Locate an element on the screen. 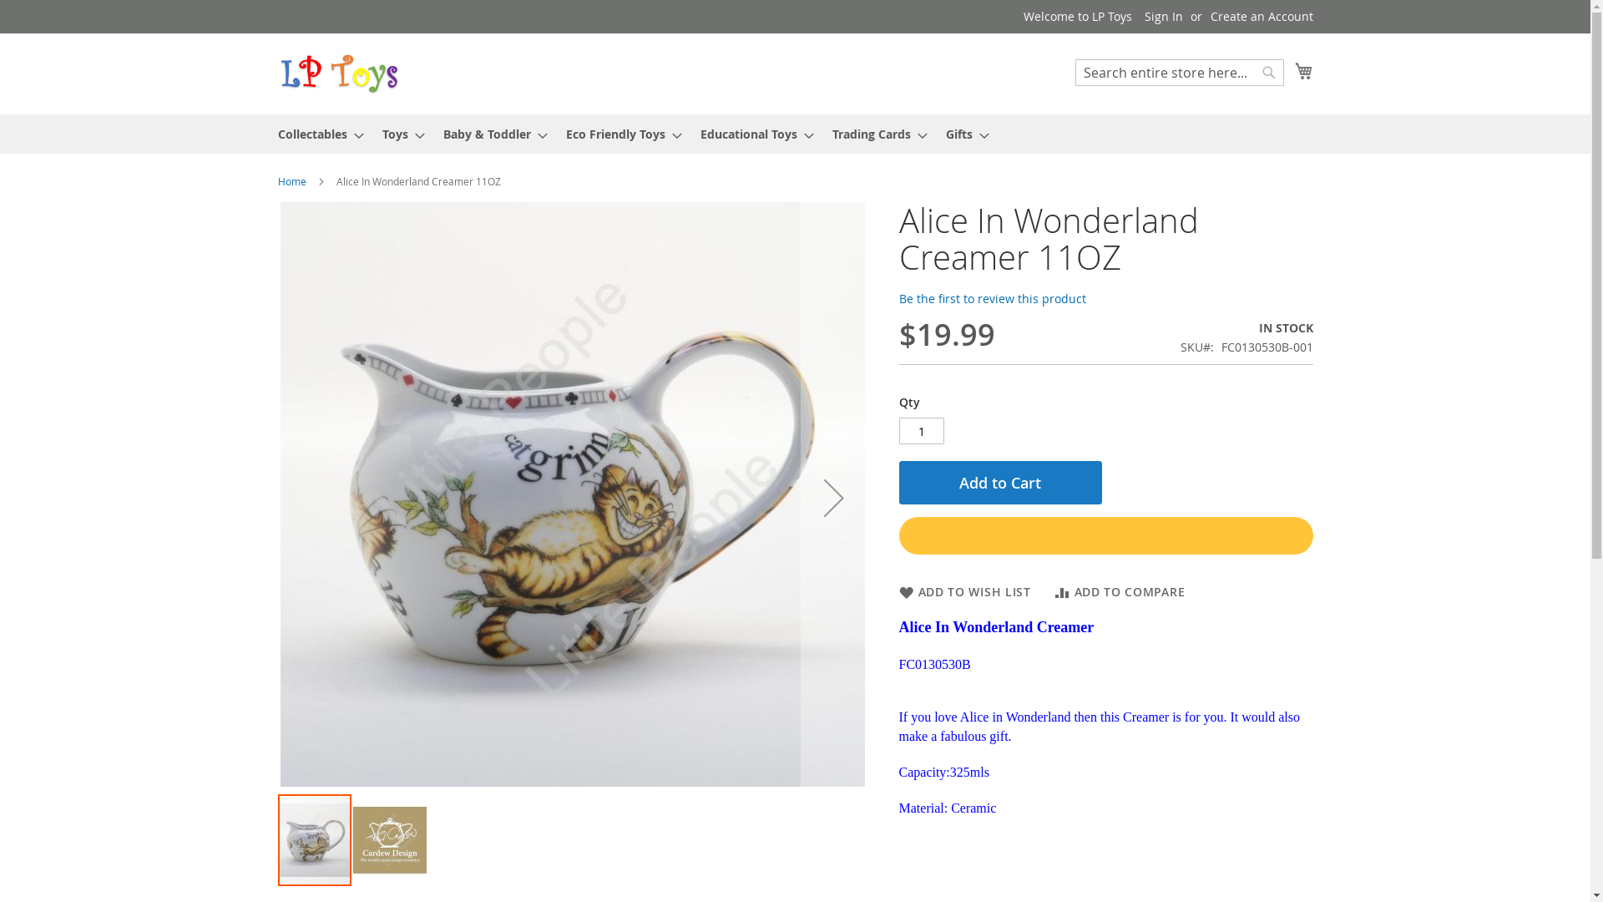  'Collectables' is located at coordinates (315, 133).